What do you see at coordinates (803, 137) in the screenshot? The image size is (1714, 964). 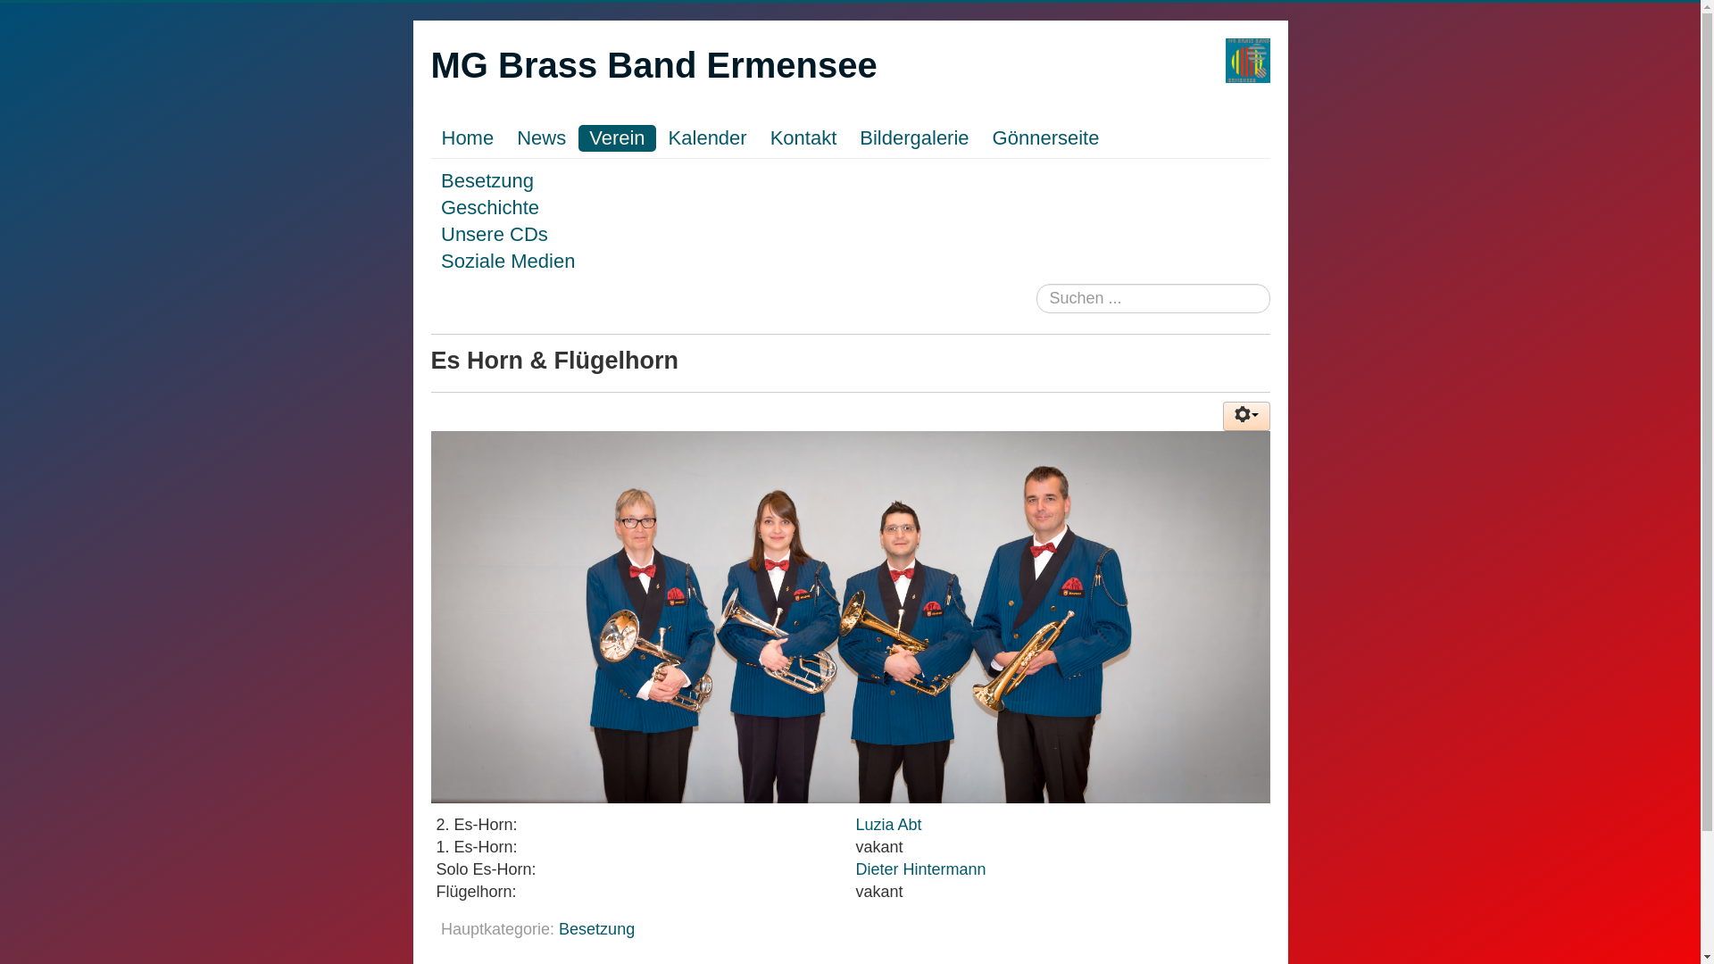 I see `'Kontakt'` at bounding box center [803, 137].